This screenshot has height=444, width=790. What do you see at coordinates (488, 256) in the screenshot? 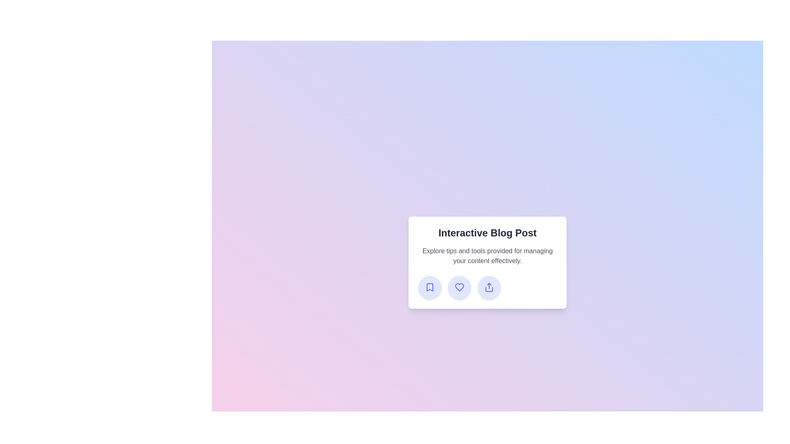
I see `the descriptive text element that provides information about tools and tips related to content management, located below the title 'Interactive Blog Post'` at bounding box center [488, 256].